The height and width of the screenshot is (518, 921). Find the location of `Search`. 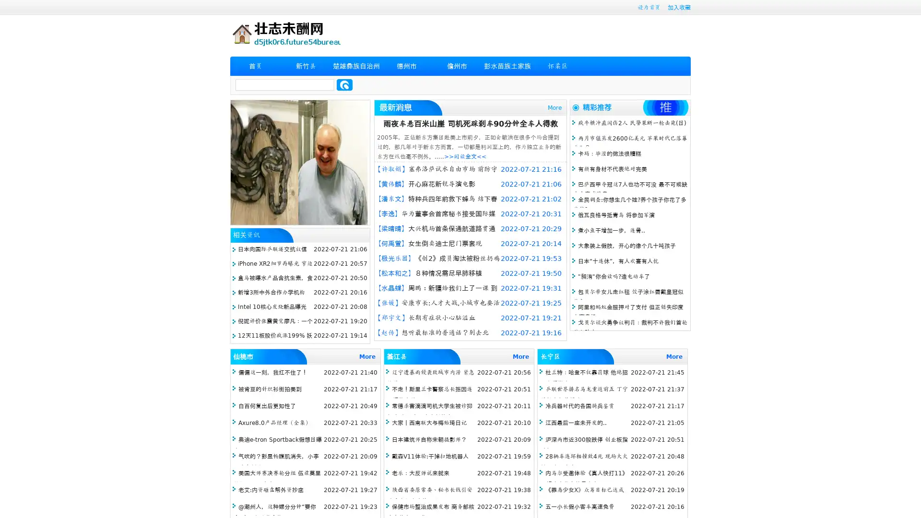

Search is located at coordinates (344, 84).